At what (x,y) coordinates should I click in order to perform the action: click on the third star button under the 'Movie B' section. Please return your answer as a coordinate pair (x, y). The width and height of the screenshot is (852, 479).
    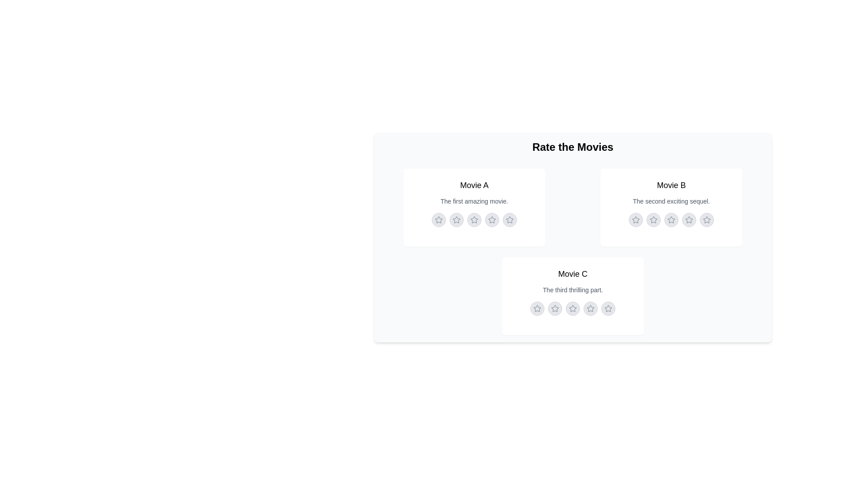
    Looking at the image, I should click on (671, 220).